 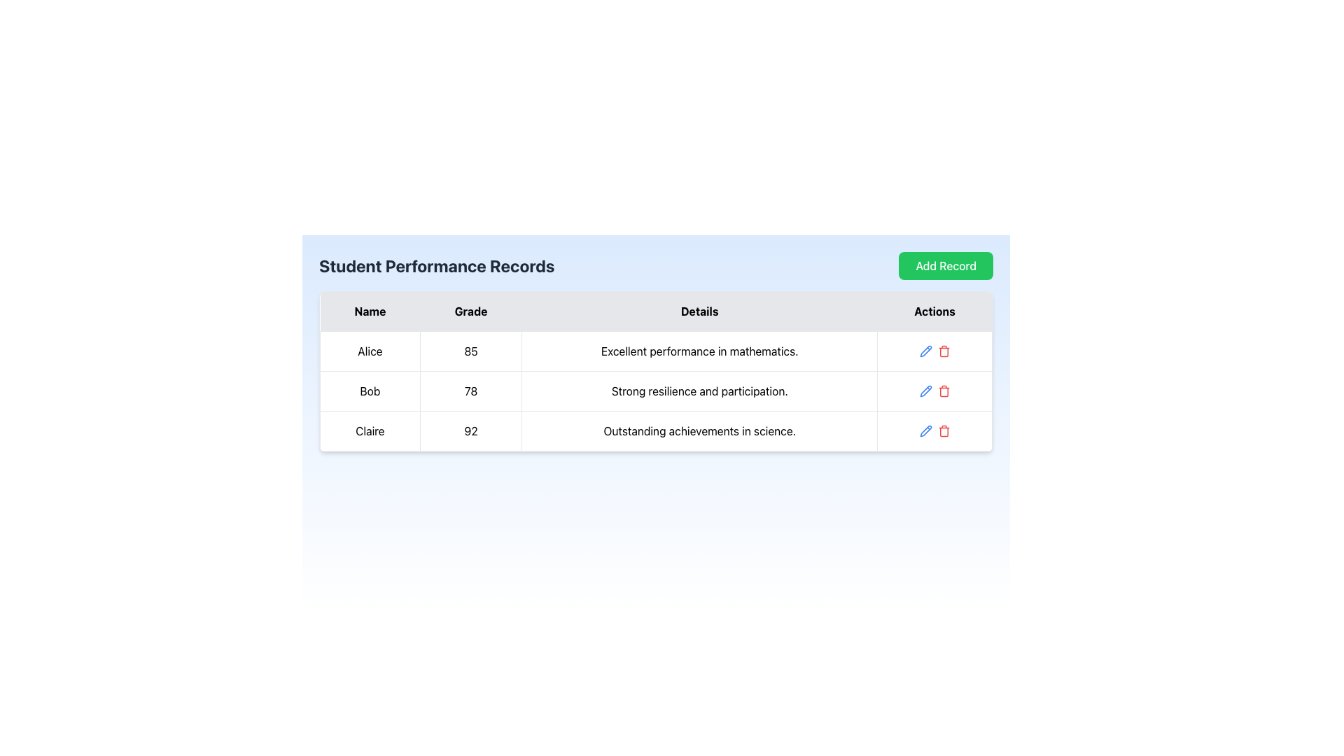 I want to click on the static text field displaying '92' in the Grade column of Claire's performance record within the table, so click(x=471, y=430).